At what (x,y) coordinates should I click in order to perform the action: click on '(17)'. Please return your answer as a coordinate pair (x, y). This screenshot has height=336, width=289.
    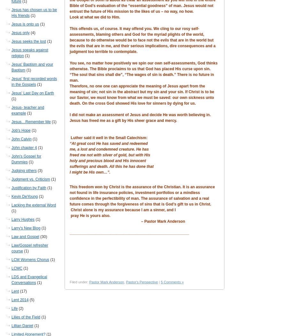
    Looking at the image, I should click on (19, 291).